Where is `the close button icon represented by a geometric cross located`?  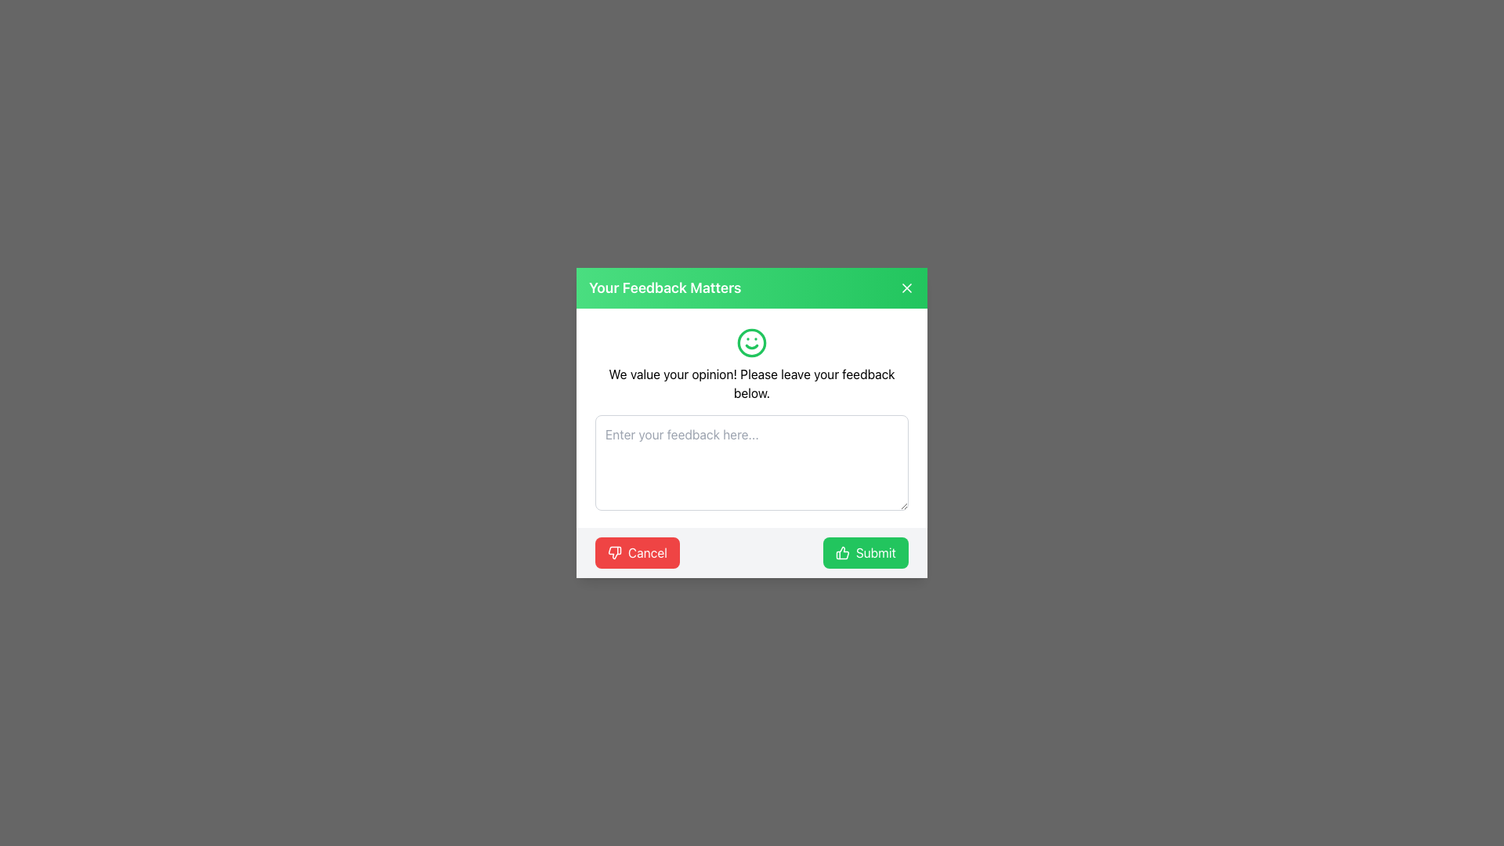
the close button icon represented by a geometric cross located is located at coordinates (906, 287).